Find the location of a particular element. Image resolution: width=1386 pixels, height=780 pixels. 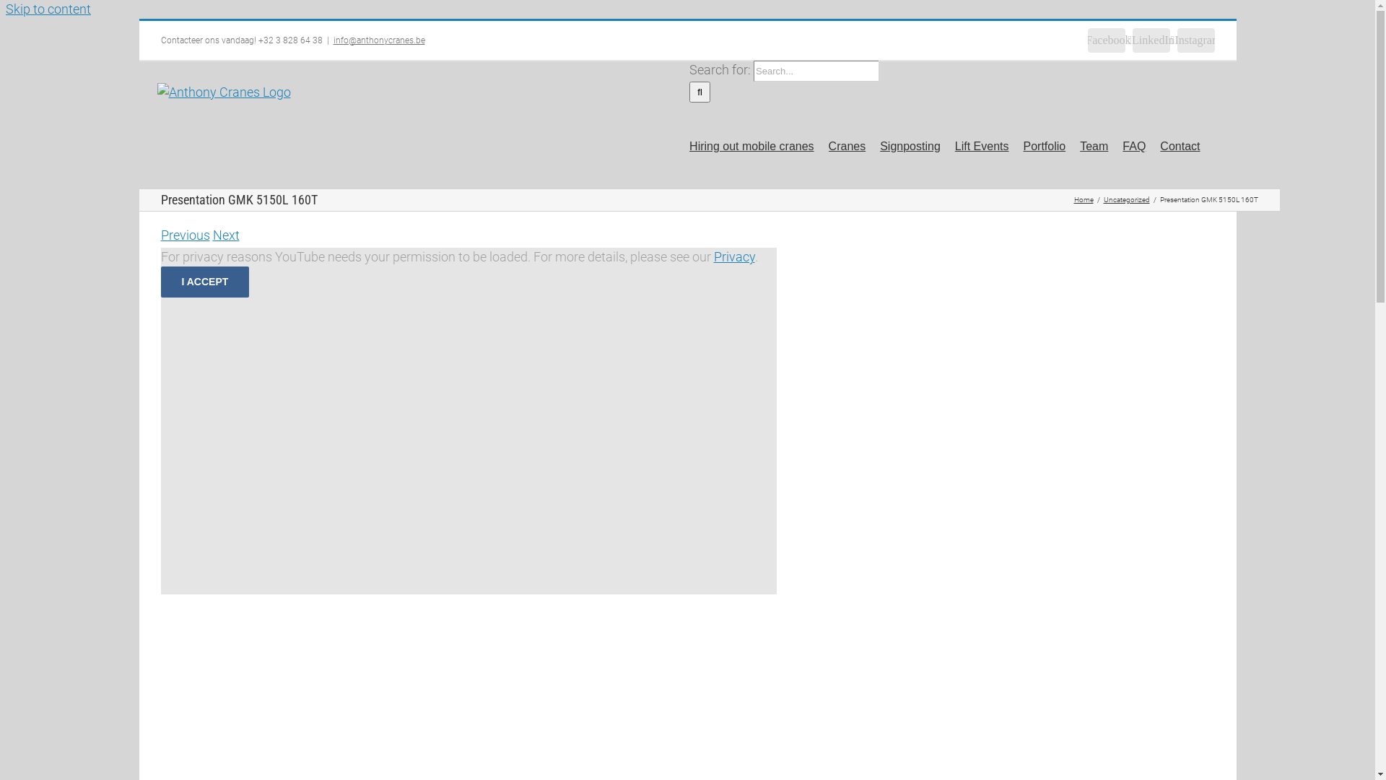

'Instagram' is located at coordinates (1177, 40).